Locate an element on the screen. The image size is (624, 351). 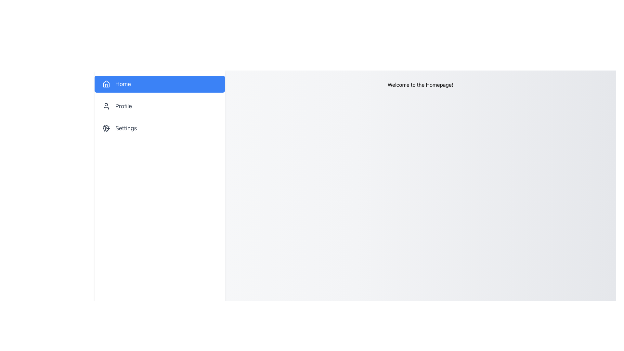
the house-shaped icon representing the home navigation option, located in the left-side navigation menu next to the 'Home' label is located at coordinates (106, 84).